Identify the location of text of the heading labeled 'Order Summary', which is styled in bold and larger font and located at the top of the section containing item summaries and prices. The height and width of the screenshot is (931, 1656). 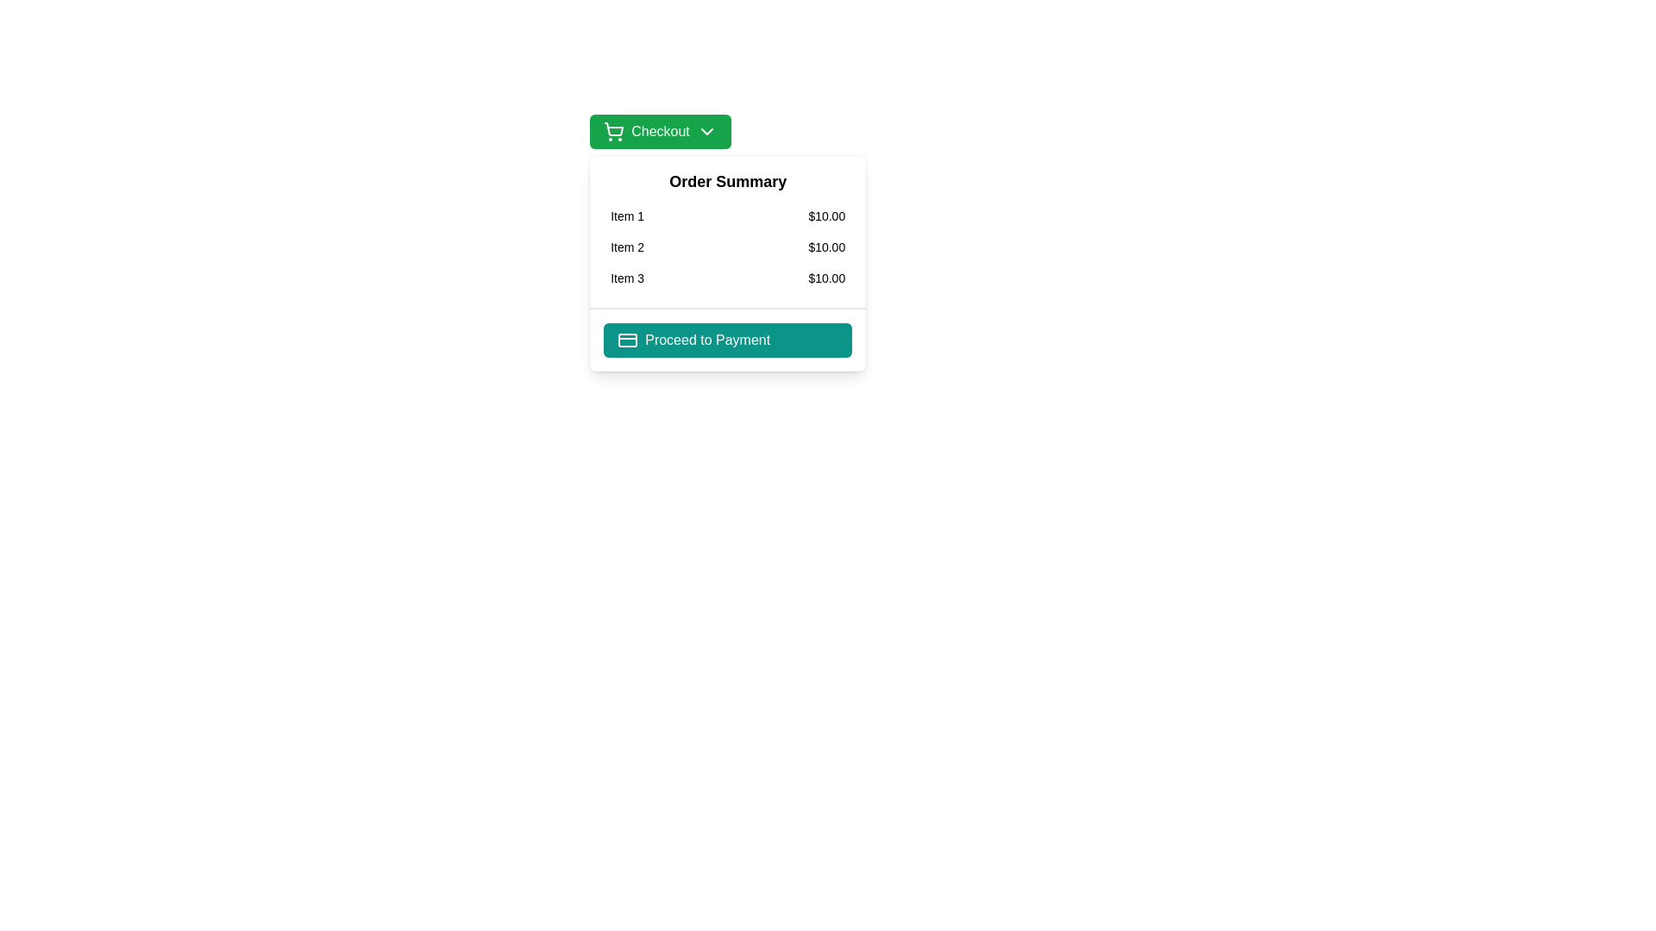
(728, 182).